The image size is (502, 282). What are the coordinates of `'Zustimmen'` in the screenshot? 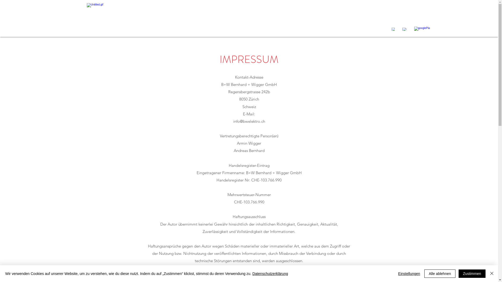 It's located at (472, 273).